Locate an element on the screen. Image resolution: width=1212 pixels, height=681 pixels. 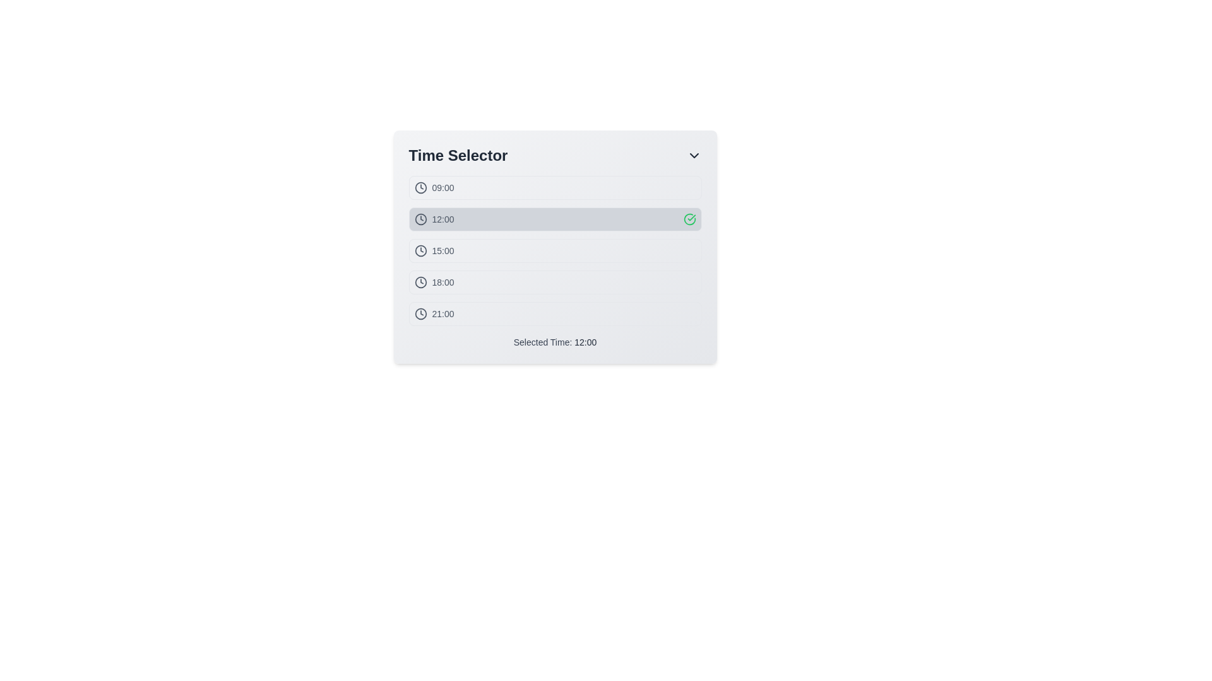
the third selectable time option in the time selector list to navigate is located at coordinates (555, 250).